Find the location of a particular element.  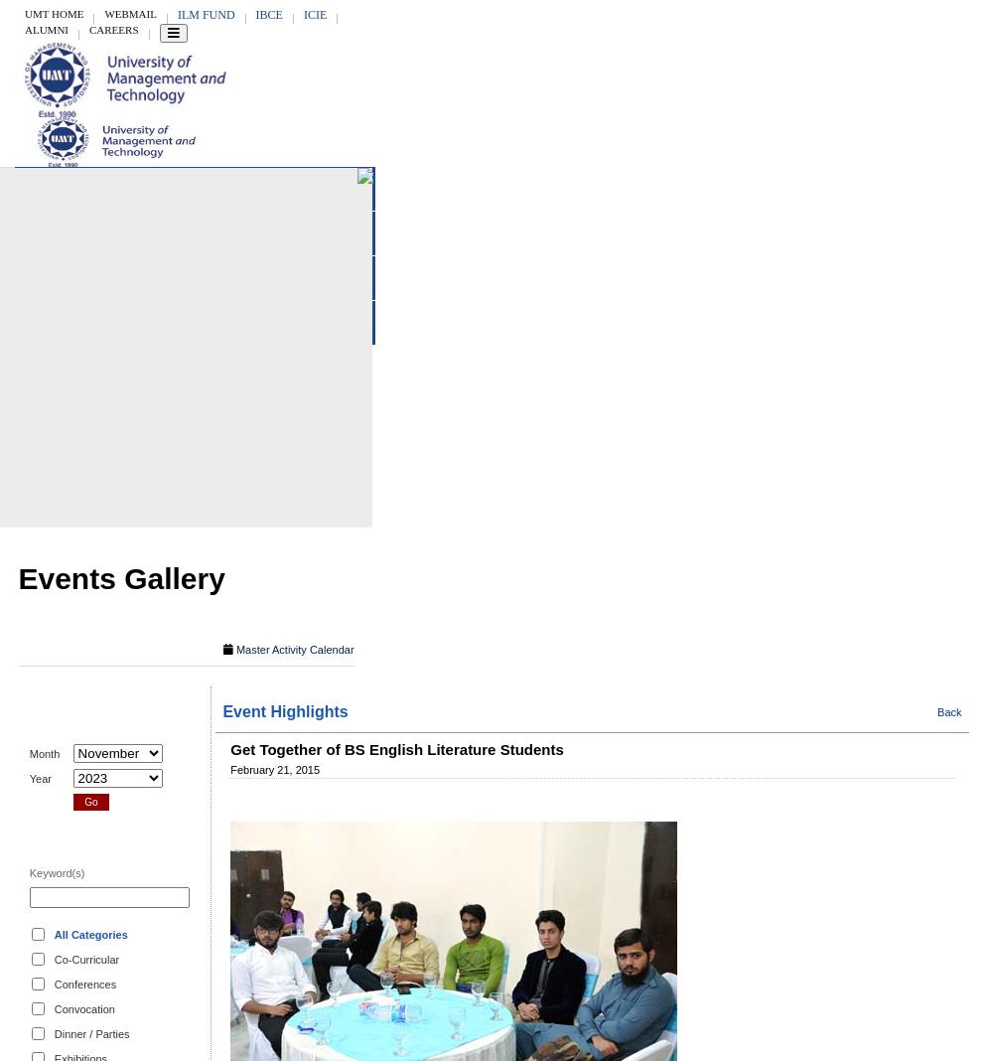

'Convocation' is located at coordinates (82, 1008).